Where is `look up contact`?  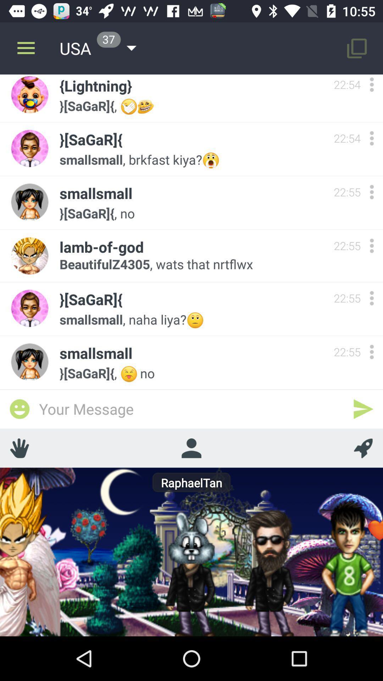
look up contact is located at coordinates (191, 448).